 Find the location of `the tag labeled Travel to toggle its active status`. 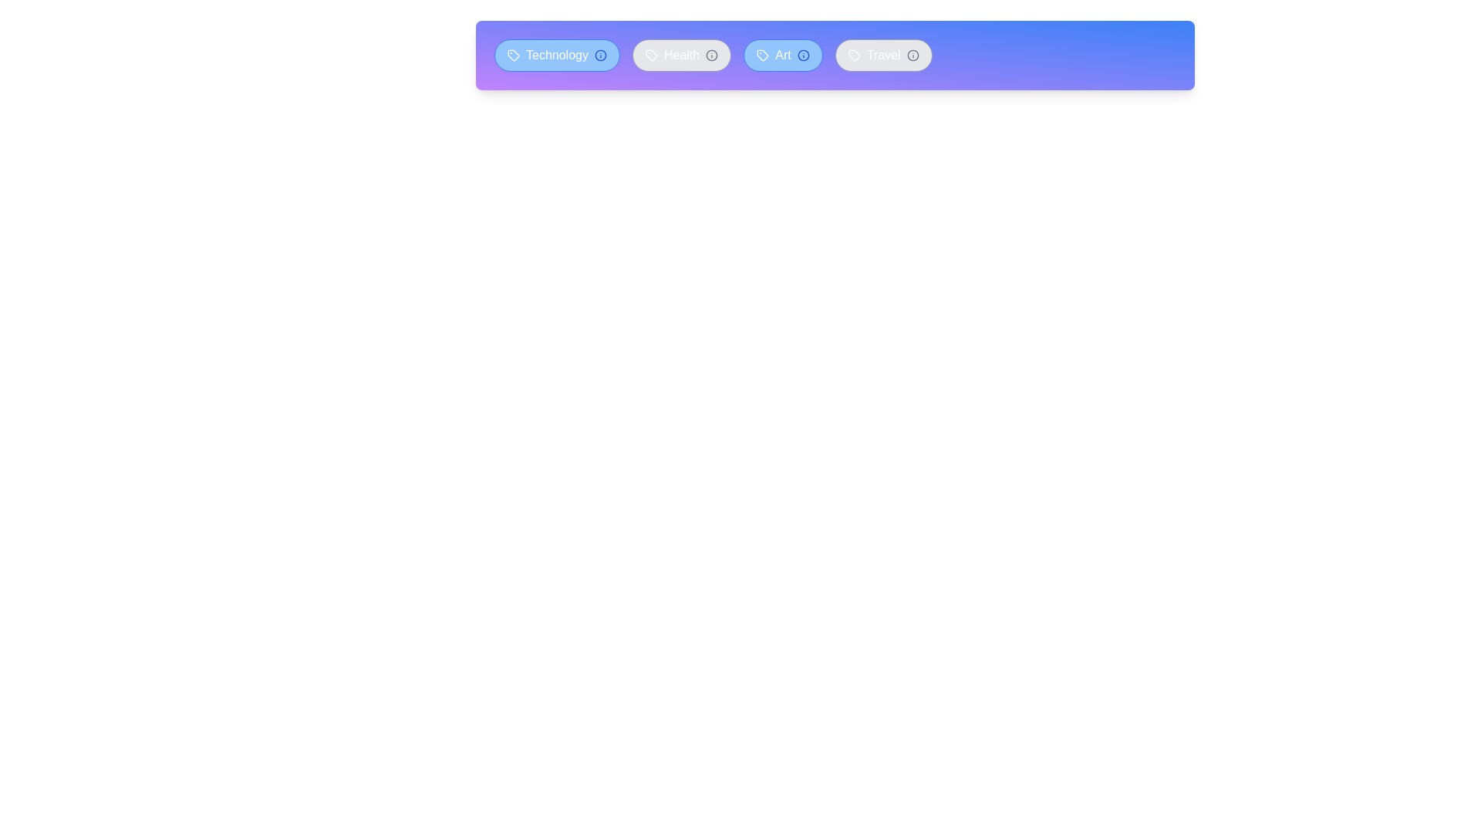

the tag labeled Travel to toggle its active status is located at coordinates (883, 55).